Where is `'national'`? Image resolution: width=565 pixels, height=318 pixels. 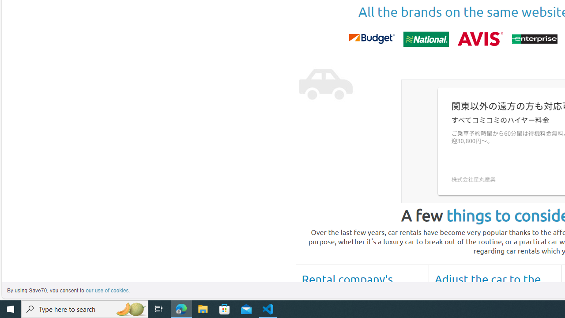 'national' is located at coordinates (426, 38).